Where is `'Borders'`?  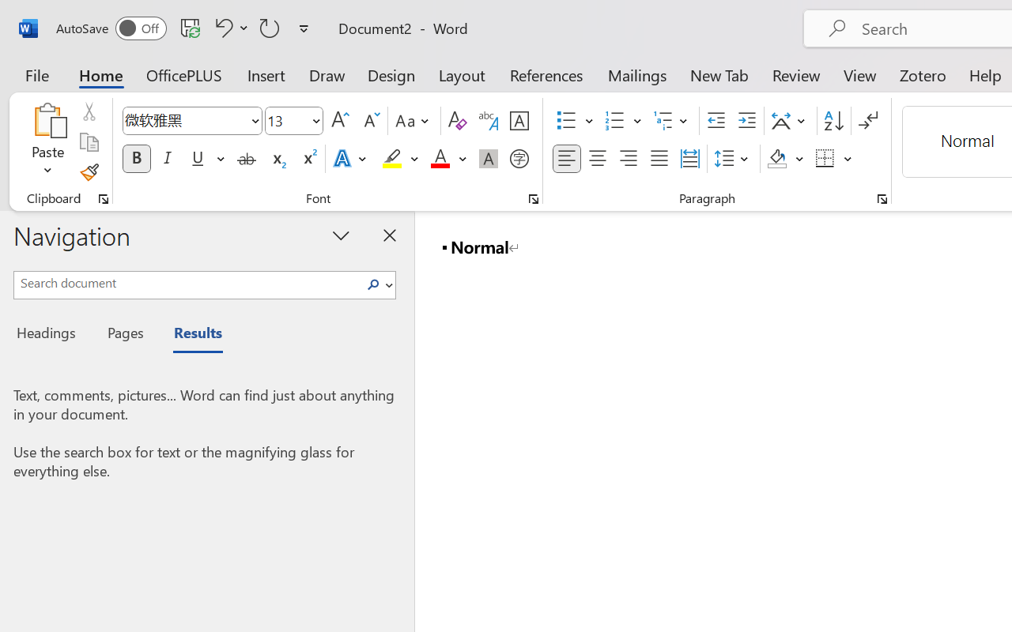 'Borders' is located at coordinates (833, 159).